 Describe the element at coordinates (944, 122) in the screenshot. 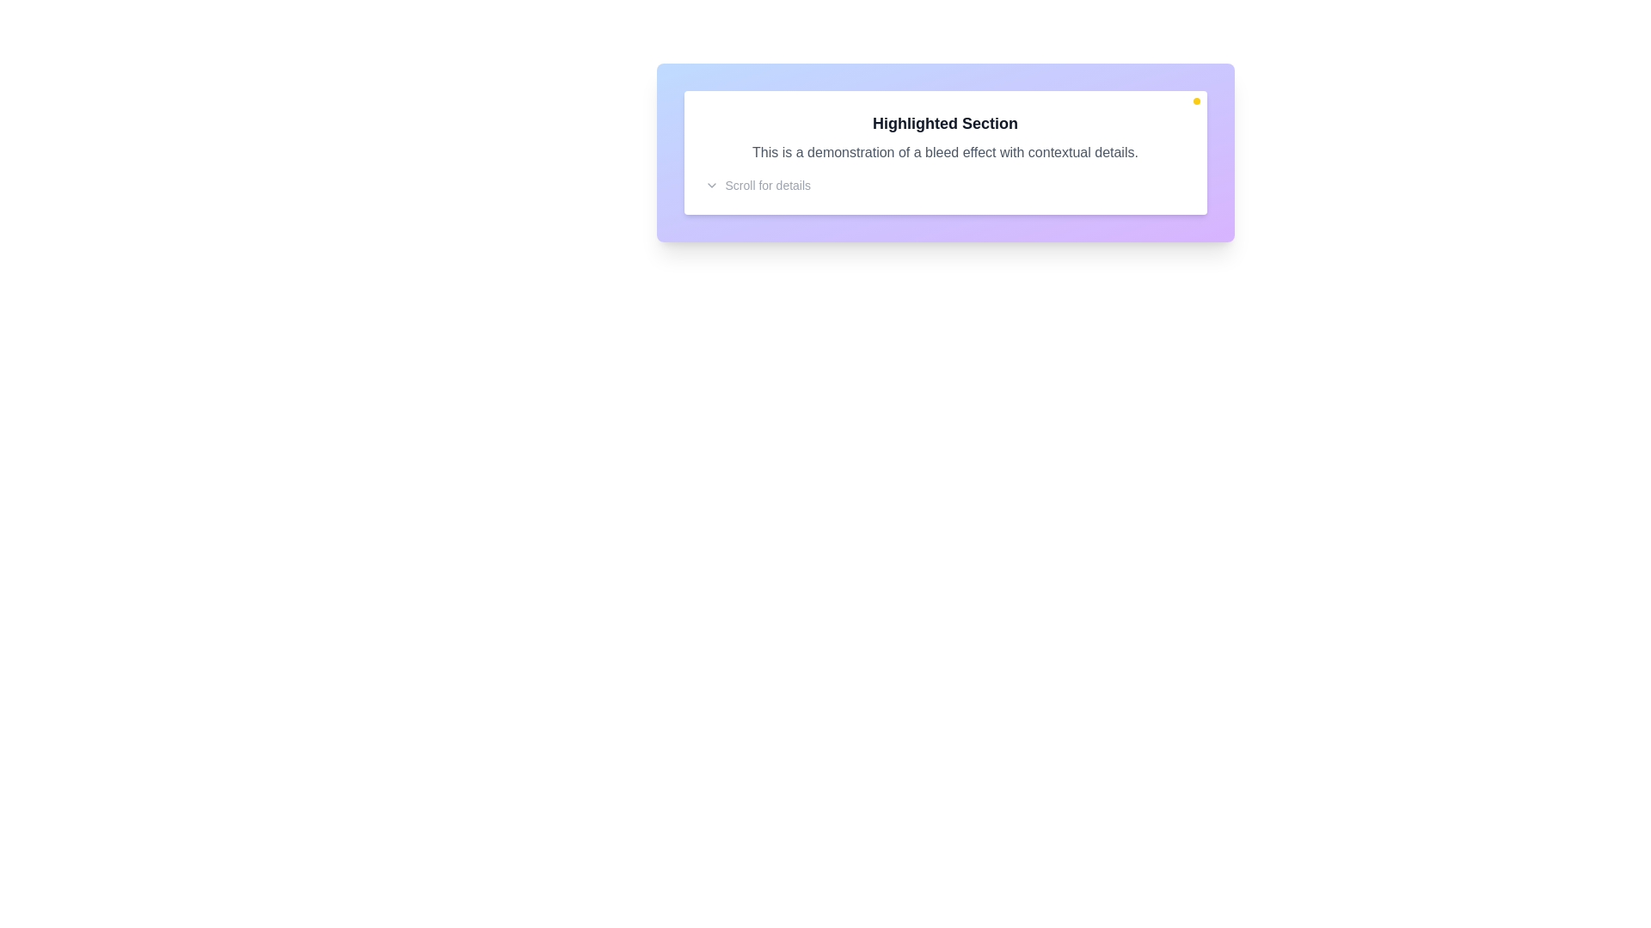

I see `the text label displaying 'Highlighted Section' in bold large font with dark gray color, which is positioned on a white rounded background card within a purple gradient background` at that location.